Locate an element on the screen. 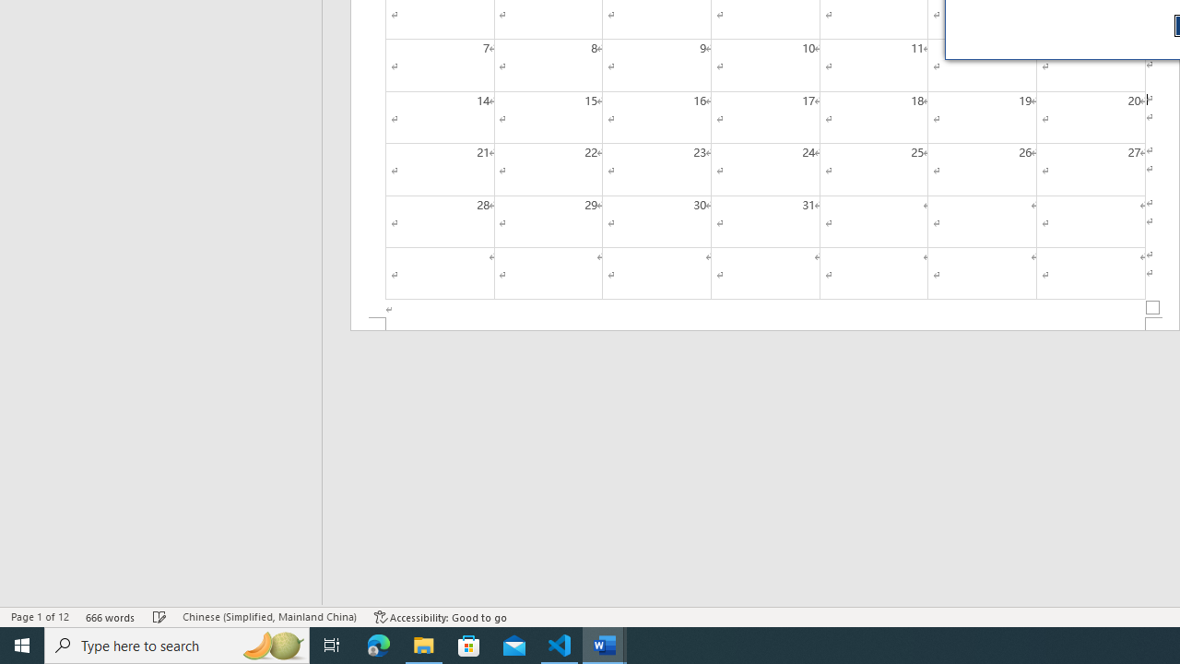 The width and height of the screenshot is (1180, 664). 'Page Number Page 1 of 12' is located at coordinates (40, 617).